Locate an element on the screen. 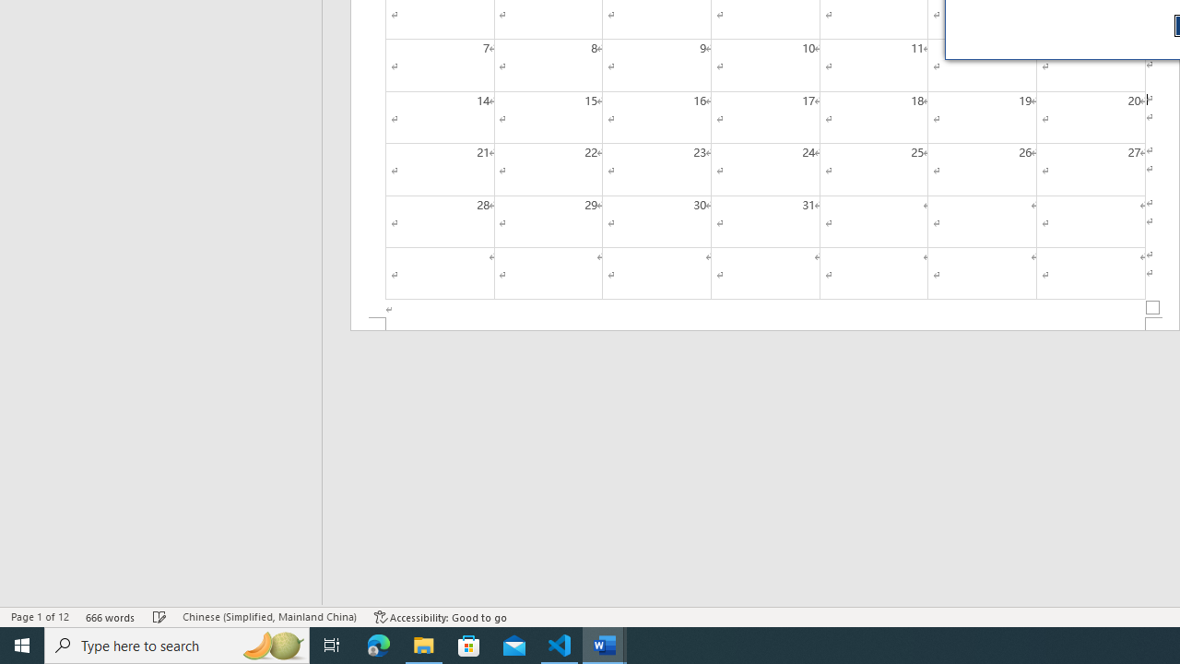 The width and height of the screenshot is (1180, 664). 'Page Number Page 1 of 12' is located at coordinates (40, 617).